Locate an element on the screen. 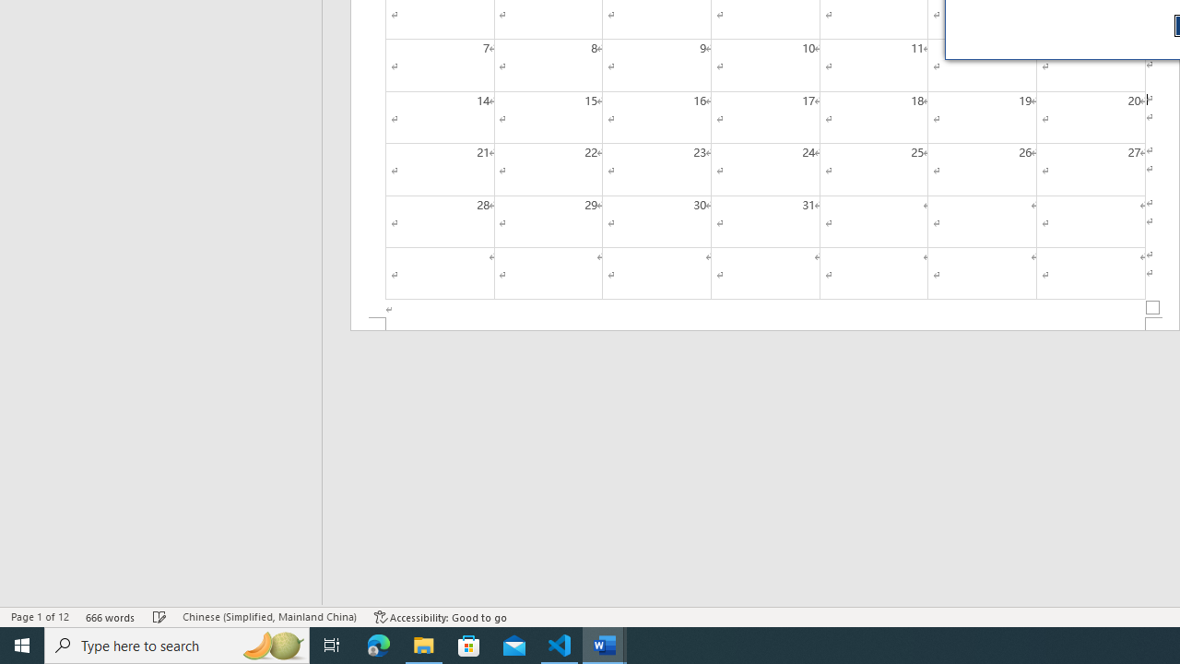 The width and height of the screenshot is (1180, 664). 'Page Number Page 1 of 12' is located at coordinates (40, 617).